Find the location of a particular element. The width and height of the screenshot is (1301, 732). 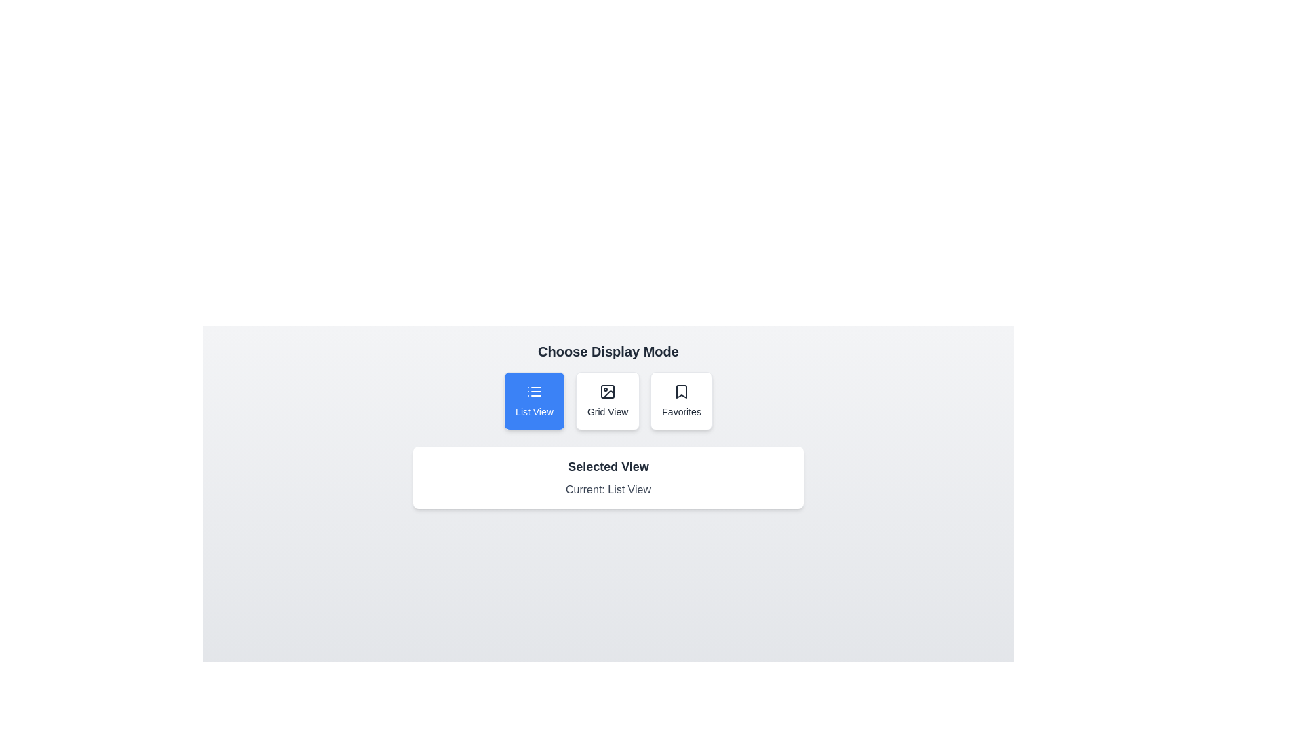

the view option List View by clicking on its button is located at coordinates (533, 400).